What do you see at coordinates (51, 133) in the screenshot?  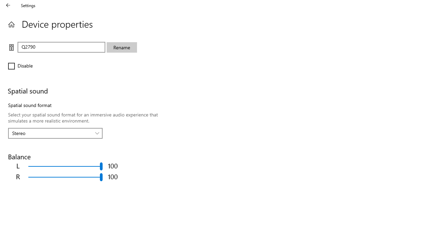 I see `'Stereo'` at bounding box center [51, 133].